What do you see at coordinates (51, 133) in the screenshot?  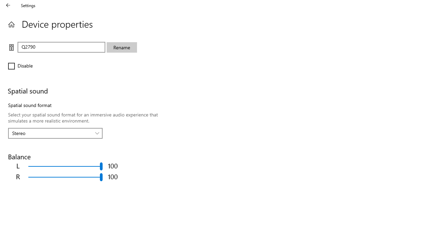 I see `'Stereo'` at bounding box center [51, 133].